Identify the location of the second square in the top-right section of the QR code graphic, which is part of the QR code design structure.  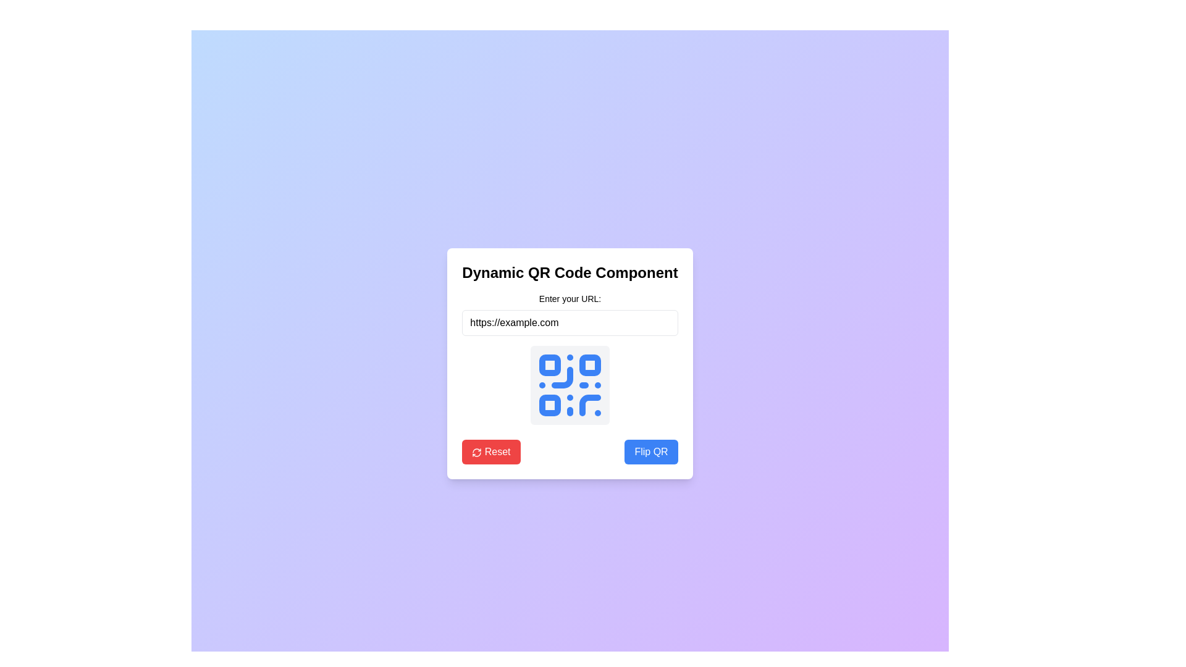
(589, 364).